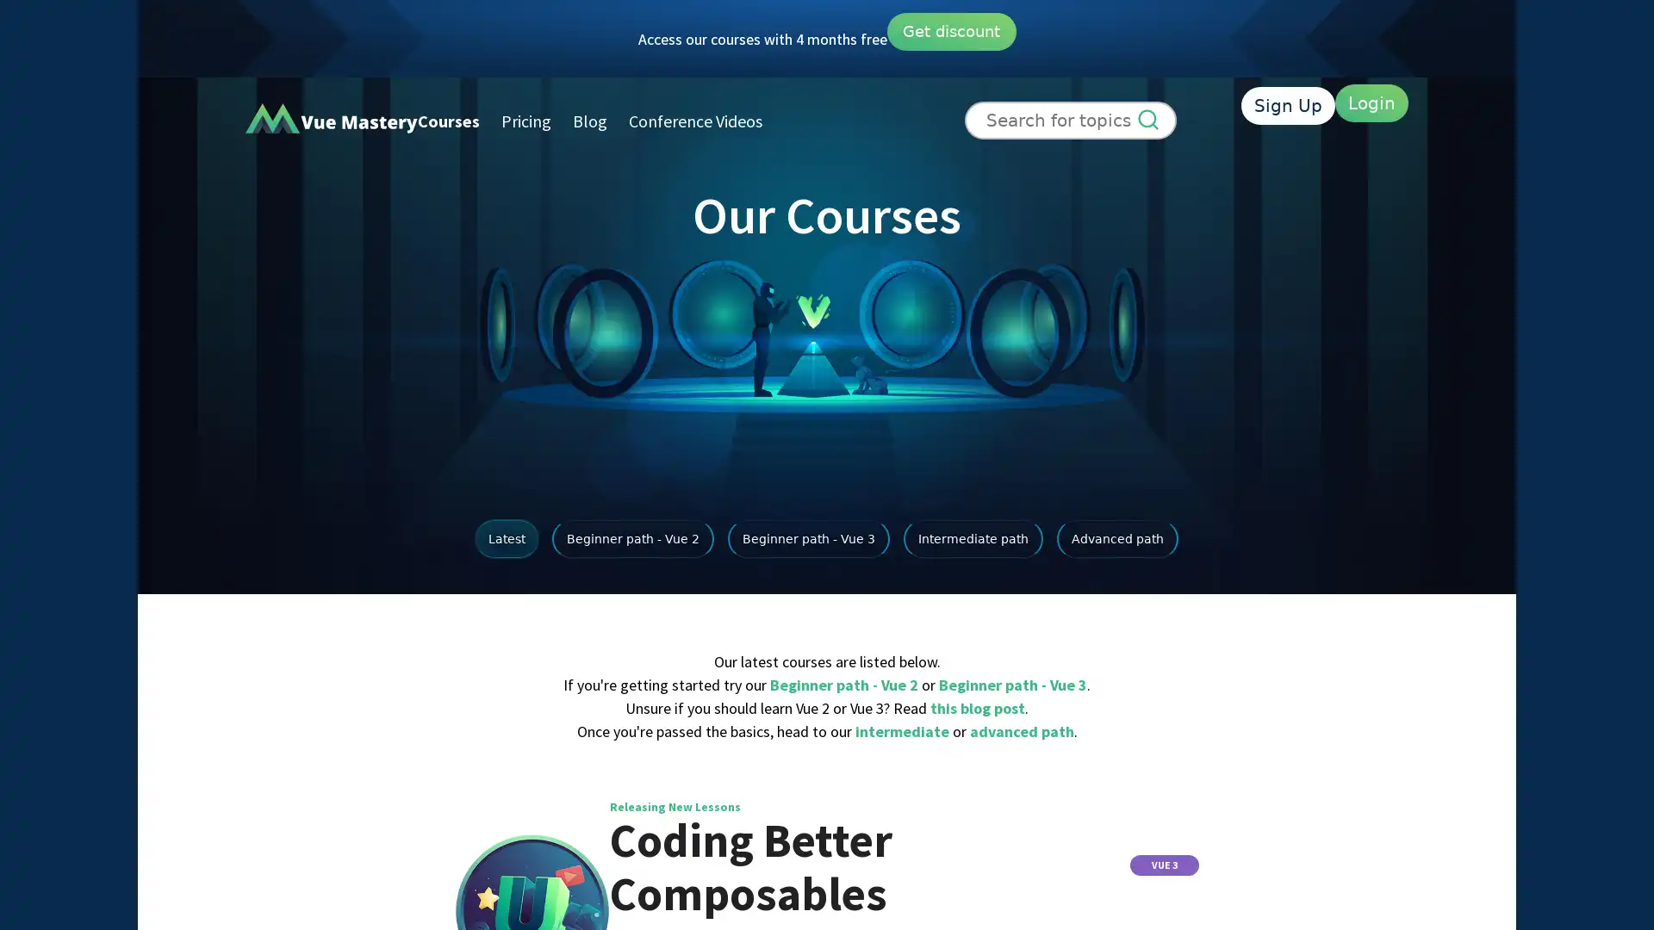  I want to click on Search, so click(1148, 121).